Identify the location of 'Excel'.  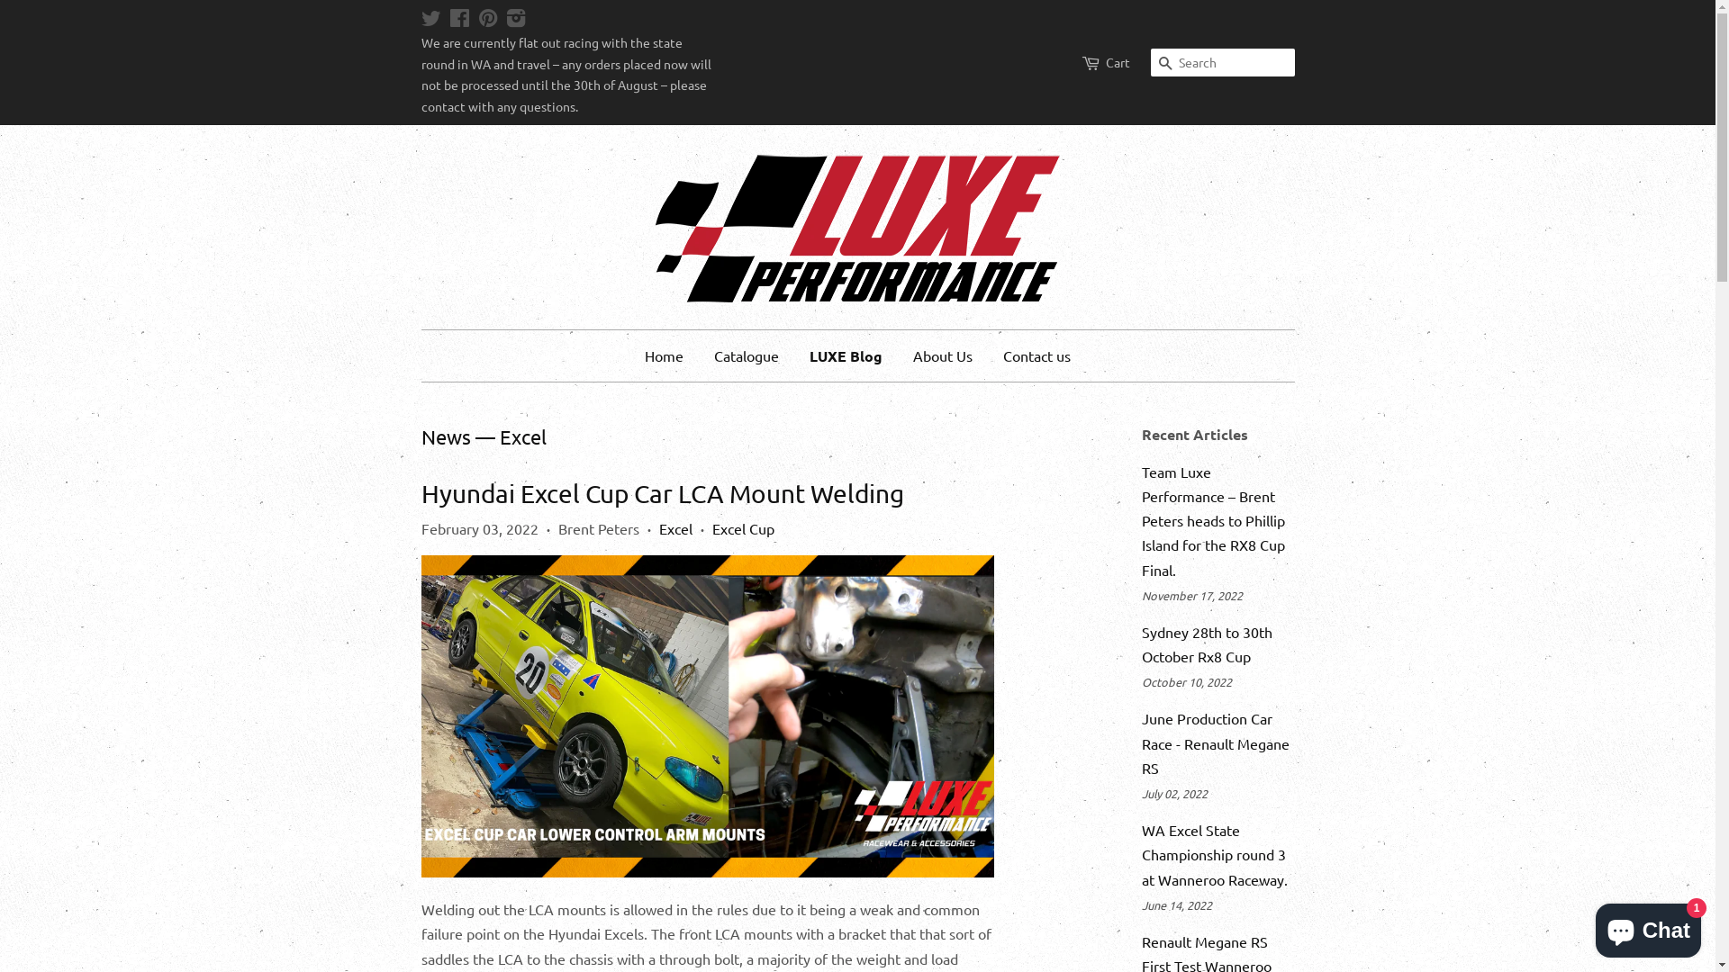
(674, 526).